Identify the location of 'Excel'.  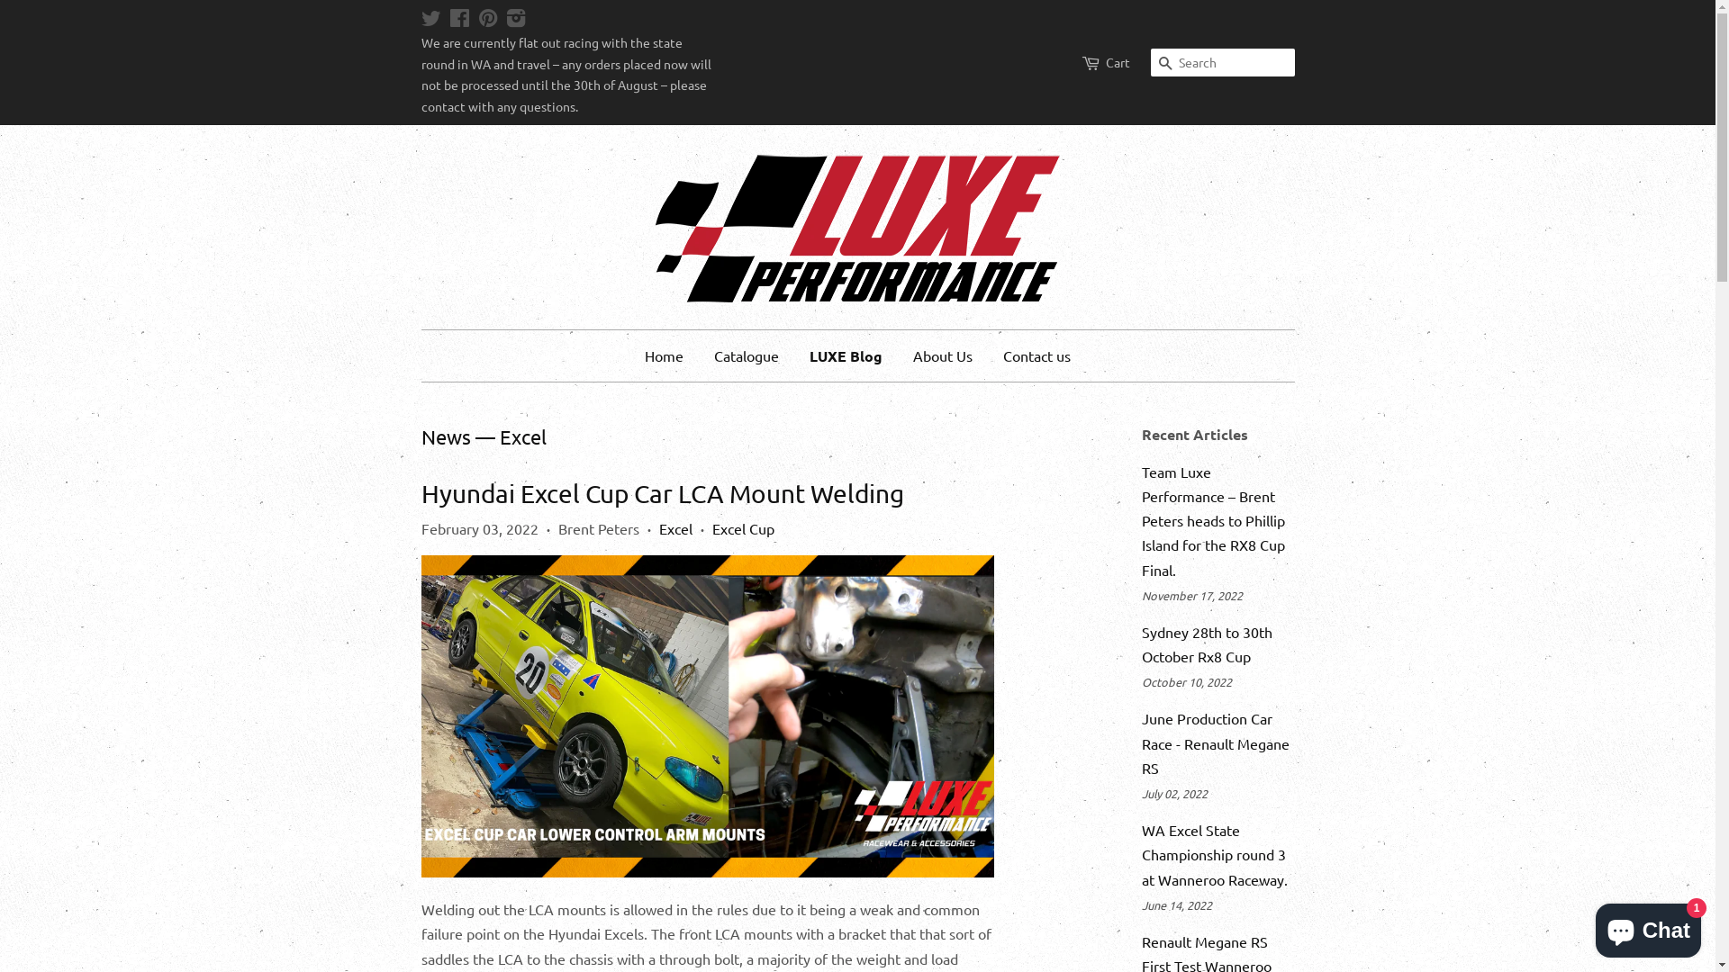
(674, 526).